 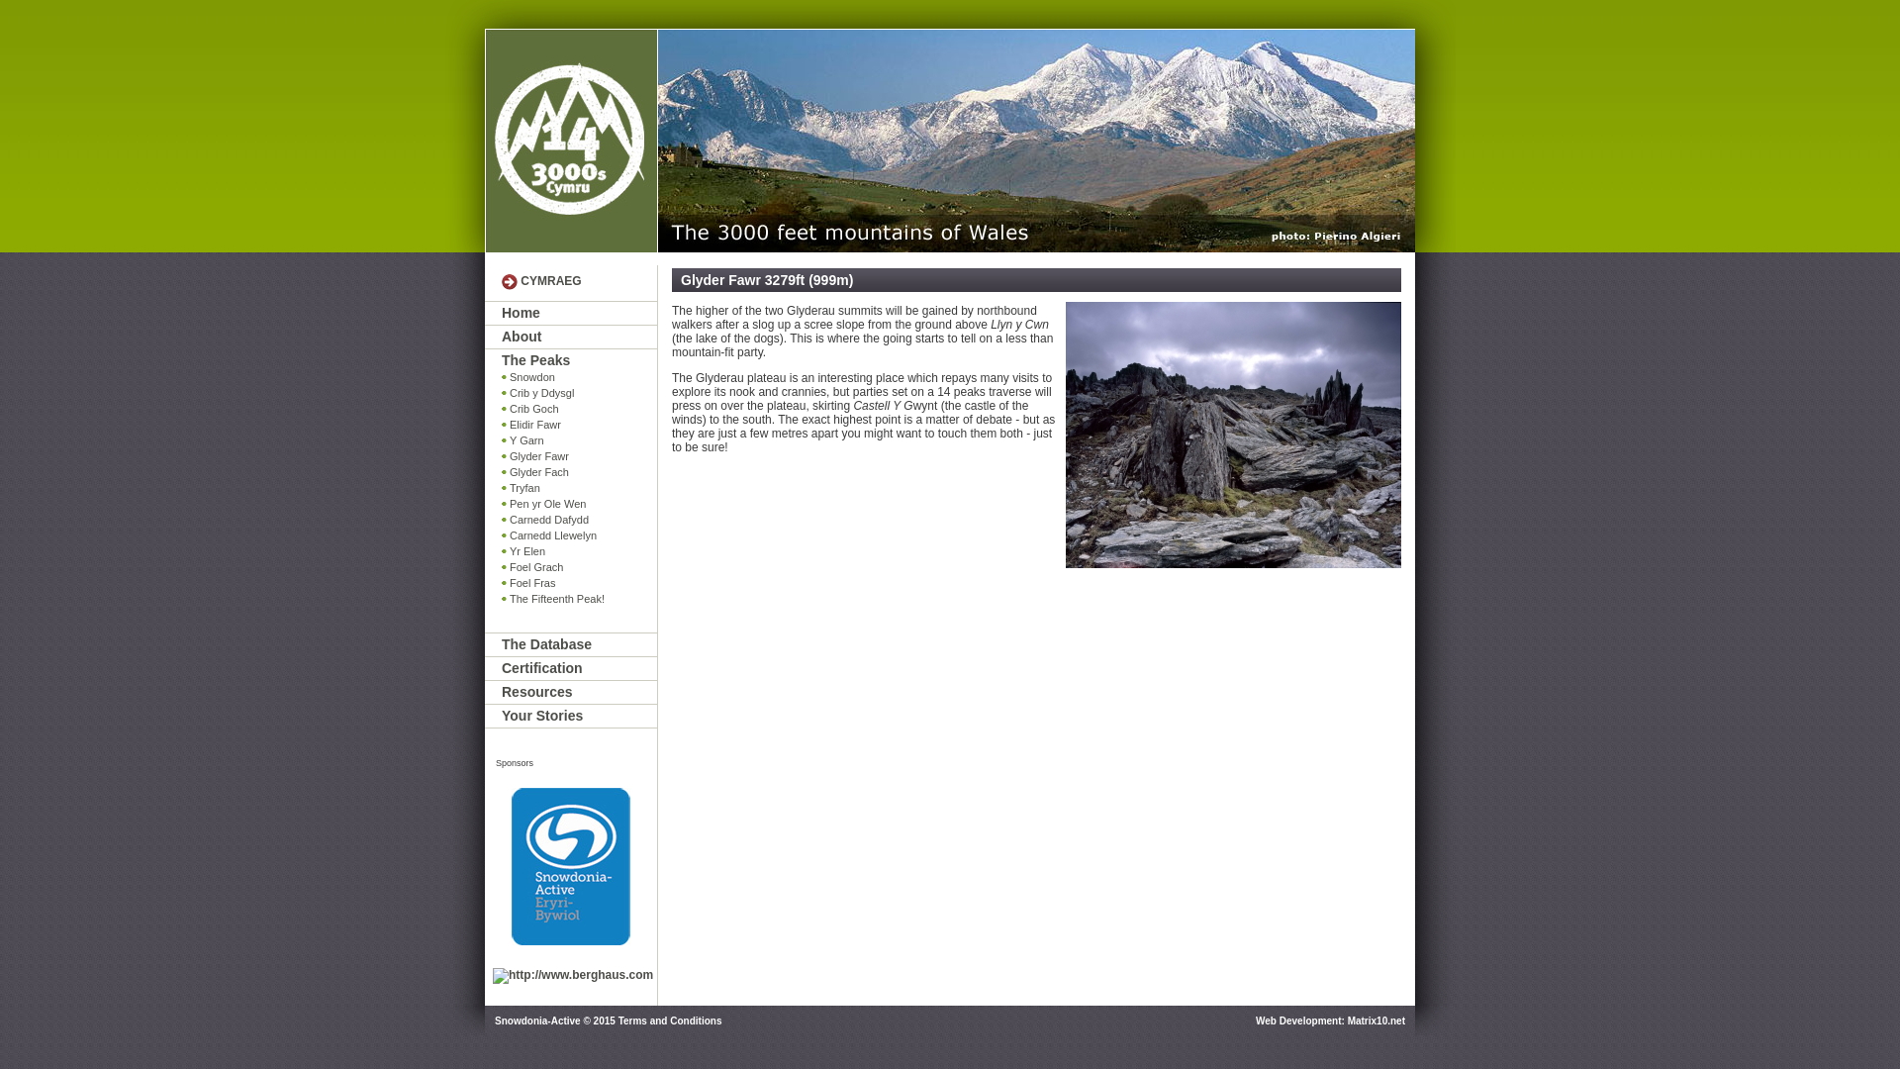 I want to click on 'The Peaks', so click(x=578, y=360).